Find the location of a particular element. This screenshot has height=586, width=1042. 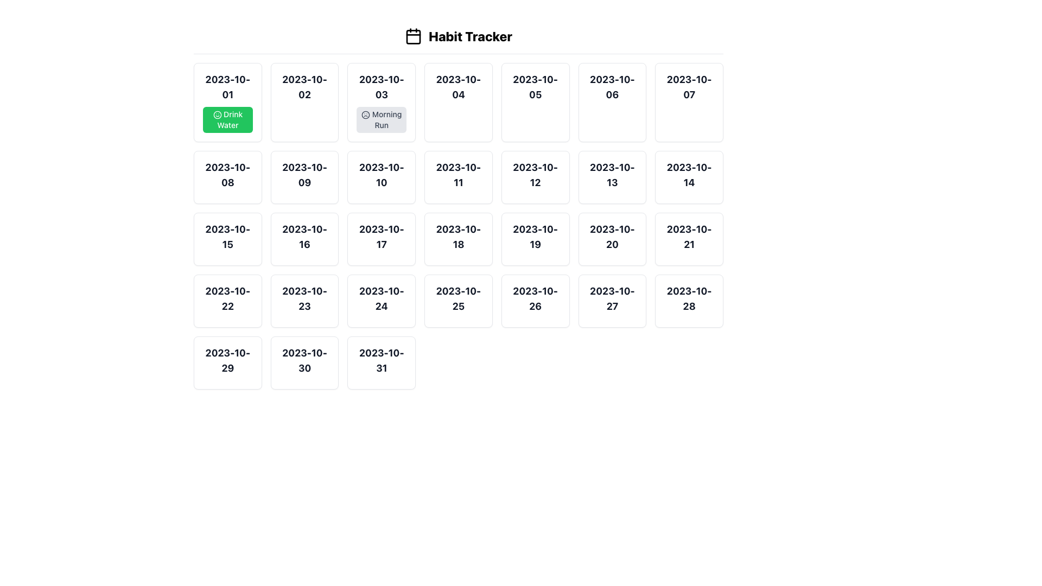

the clickable date element displaying '2023-10-18' in the calendar interface is located at coordinates (458, 238).